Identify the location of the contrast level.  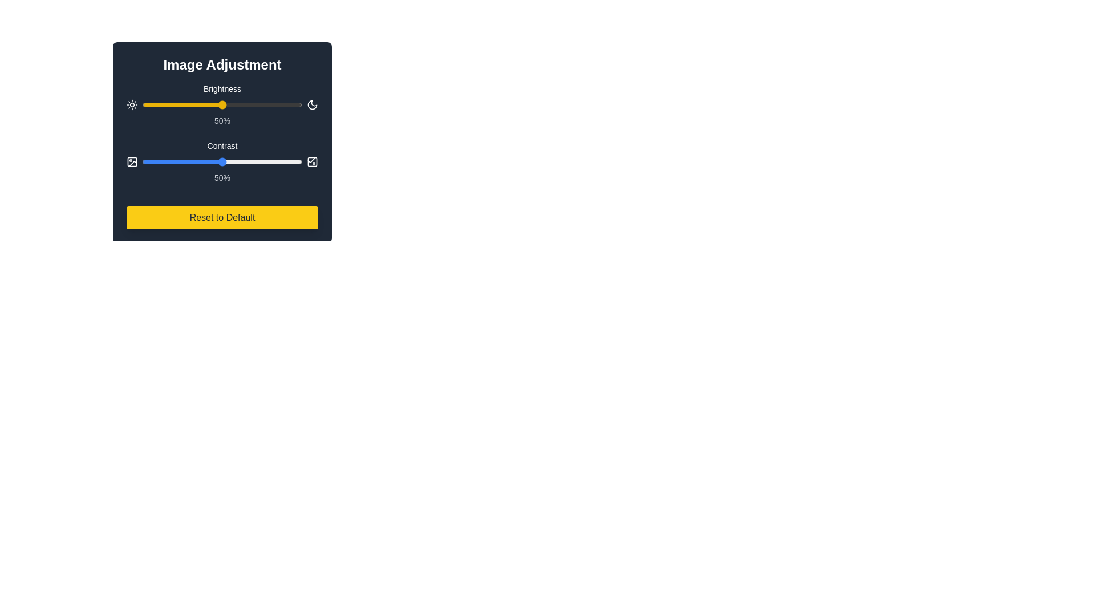
(242, 162).